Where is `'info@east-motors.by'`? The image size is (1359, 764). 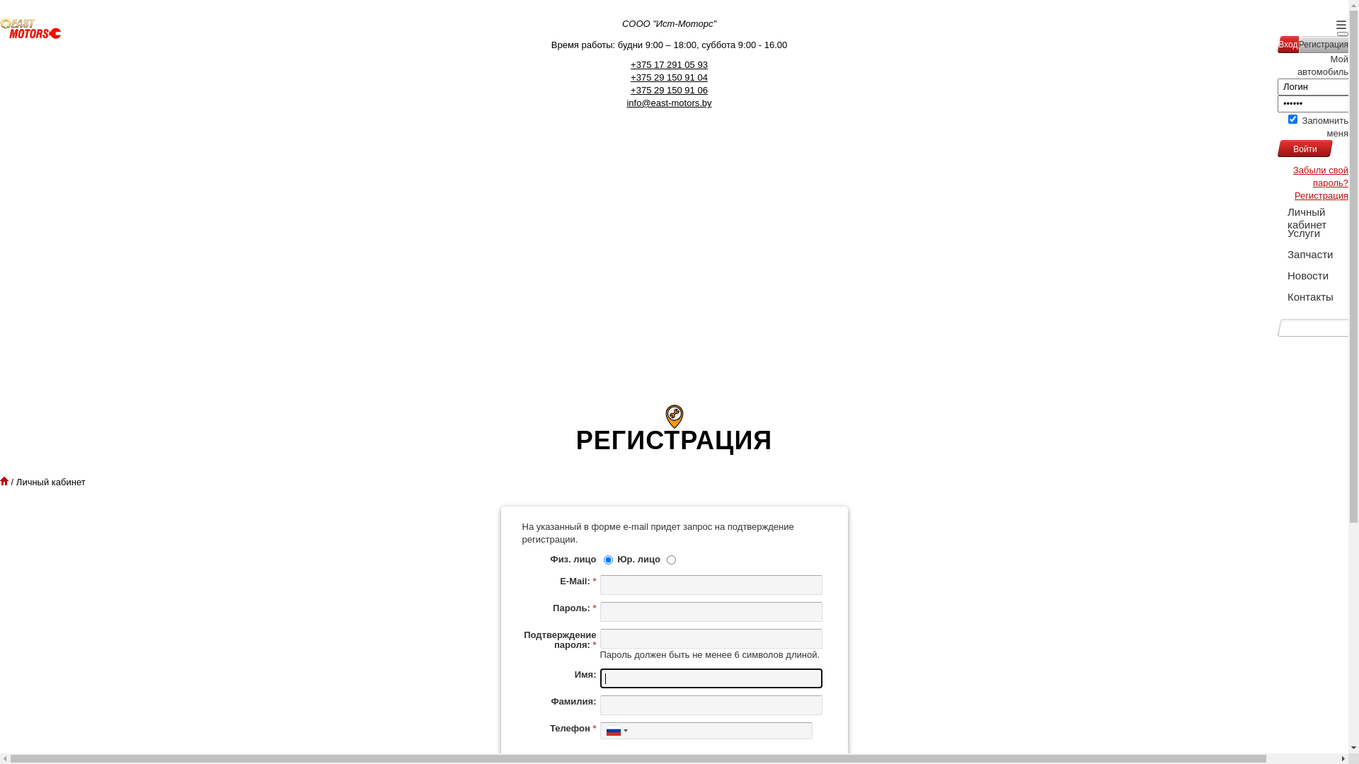 'info@east-motors.by' is located at coordinates (668, 102).